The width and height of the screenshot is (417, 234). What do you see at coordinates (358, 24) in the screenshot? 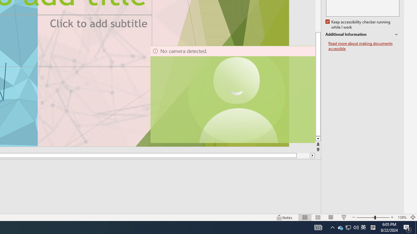
I see `'Keep accessibility checker running while I work'` at bounding box center [358, 24].